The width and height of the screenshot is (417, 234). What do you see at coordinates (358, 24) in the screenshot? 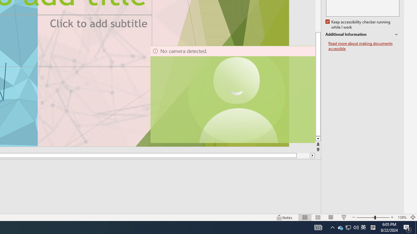
I see `'Keep accessibility checker running while I work'` at bounding box center [358, 24].